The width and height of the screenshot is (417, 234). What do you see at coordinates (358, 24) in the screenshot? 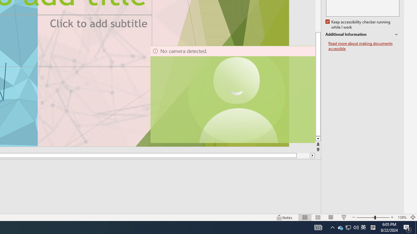
I see `'Keep accessibility checker running while I work'` at bounding box center [358, 24].